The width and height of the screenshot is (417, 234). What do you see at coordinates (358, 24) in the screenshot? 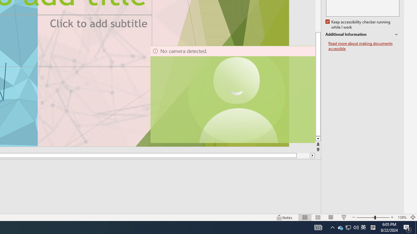
I see `'Keep accessibility checker running while I work'` at bounding box center [358, 24].